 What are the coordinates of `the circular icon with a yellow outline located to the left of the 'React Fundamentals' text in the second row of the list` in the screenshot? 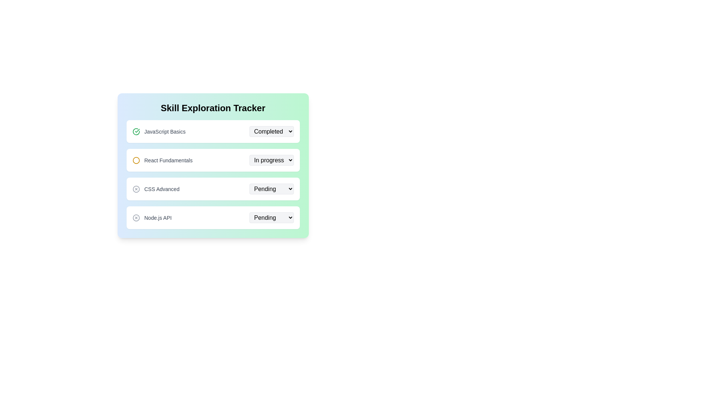 It's located at (136, 160).